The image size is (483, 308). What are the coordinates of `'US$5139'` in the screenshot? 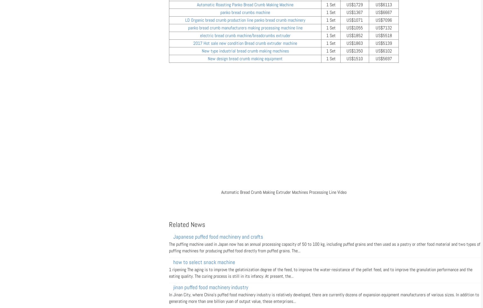 It's located at (384, 43).